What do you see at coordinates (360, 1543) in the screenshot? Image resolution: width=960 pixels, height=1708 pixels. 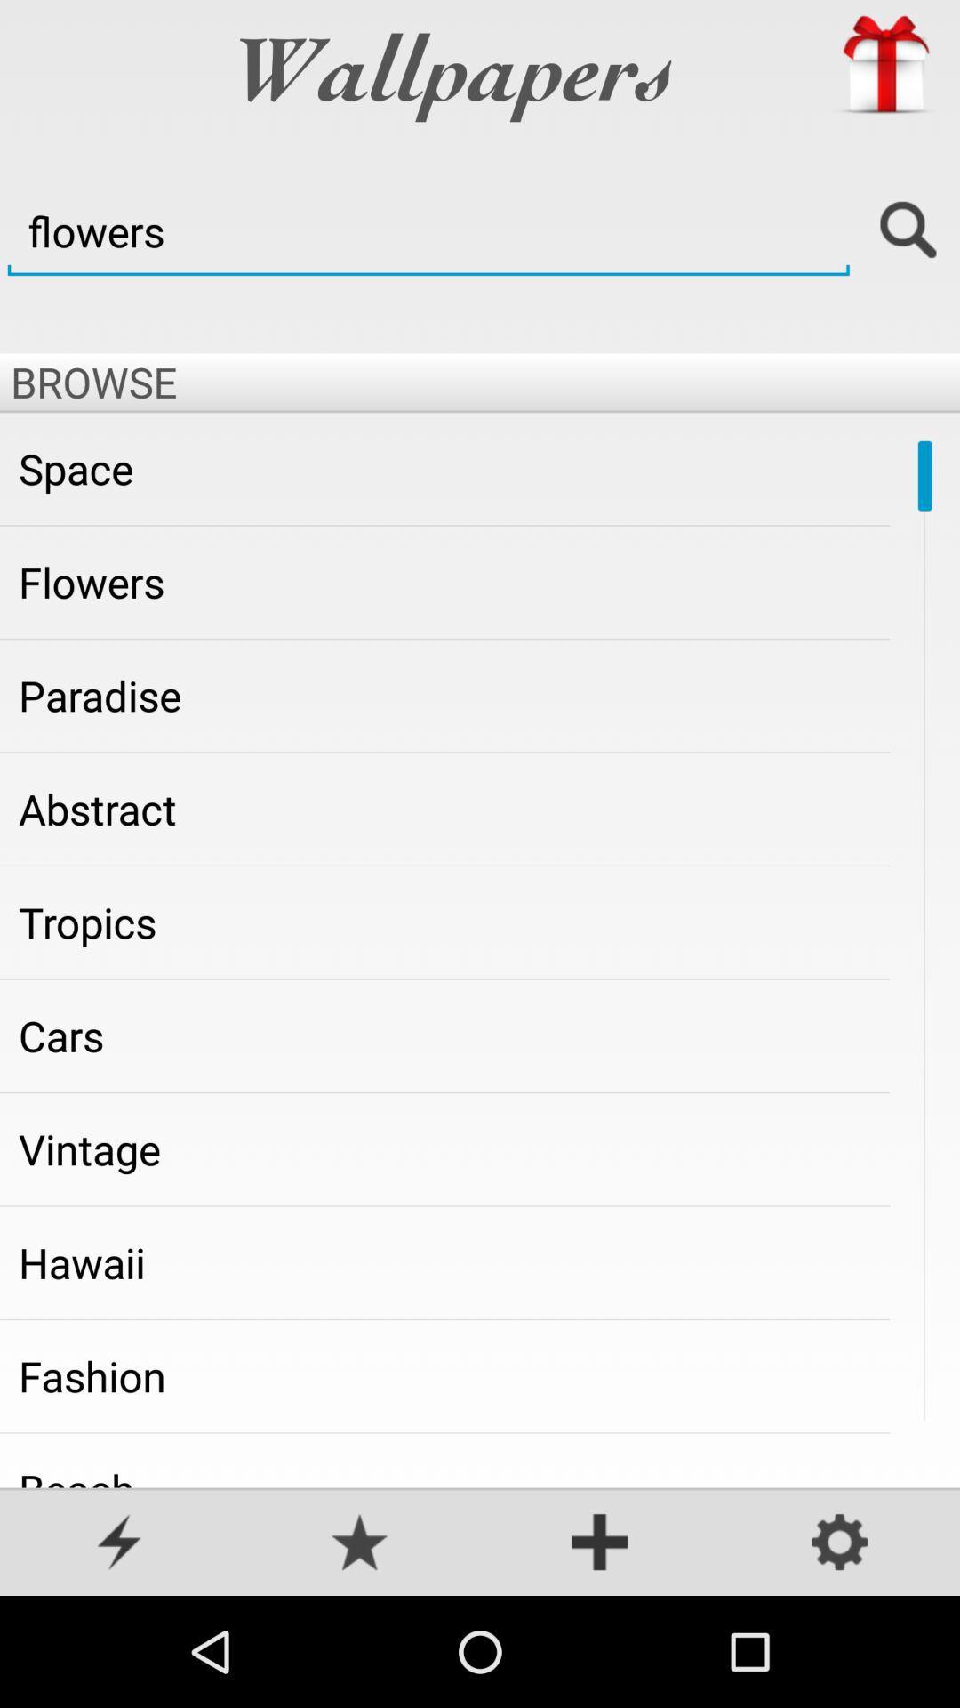 I see `as favorite` at bounding box center [360, 1543].